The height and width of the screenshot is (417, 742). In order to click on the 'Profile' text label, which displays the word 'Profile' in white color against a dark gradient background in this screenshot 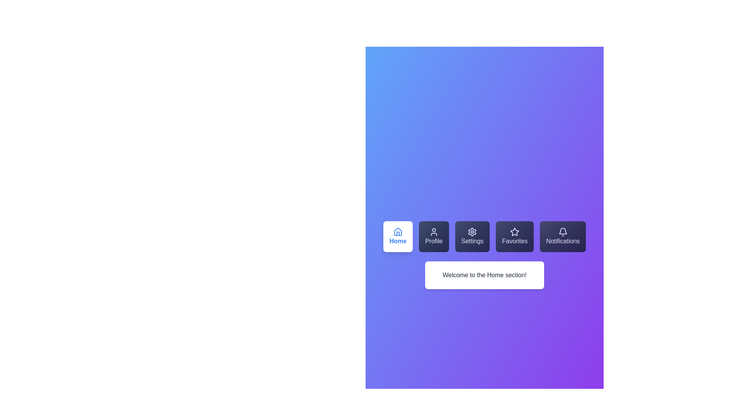, I will do `click(434, 241)`.